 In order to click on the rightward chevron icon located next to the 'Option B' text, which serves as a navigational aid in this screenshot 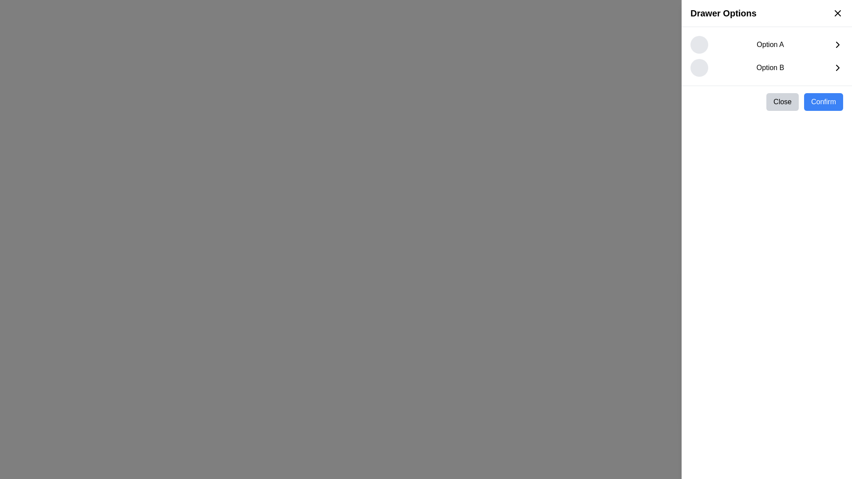, I will do `click(837, 67)`.